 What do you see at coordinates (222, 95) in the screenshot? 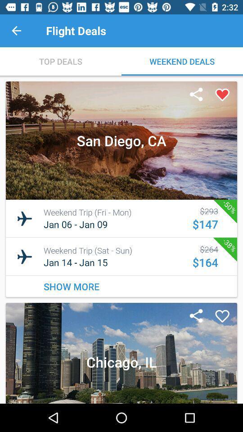
I see `the destination` at bounding box center [222, 95].